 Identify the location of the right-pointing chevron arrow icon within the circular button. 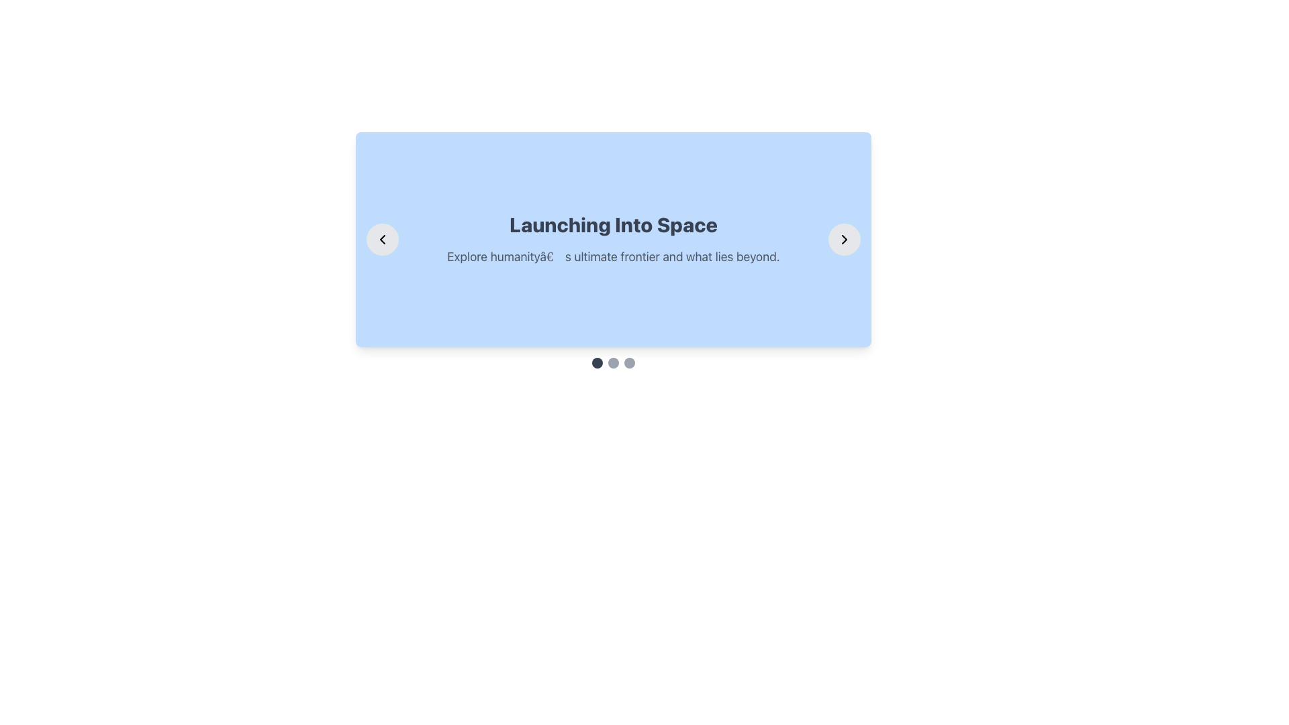
(843, 239).